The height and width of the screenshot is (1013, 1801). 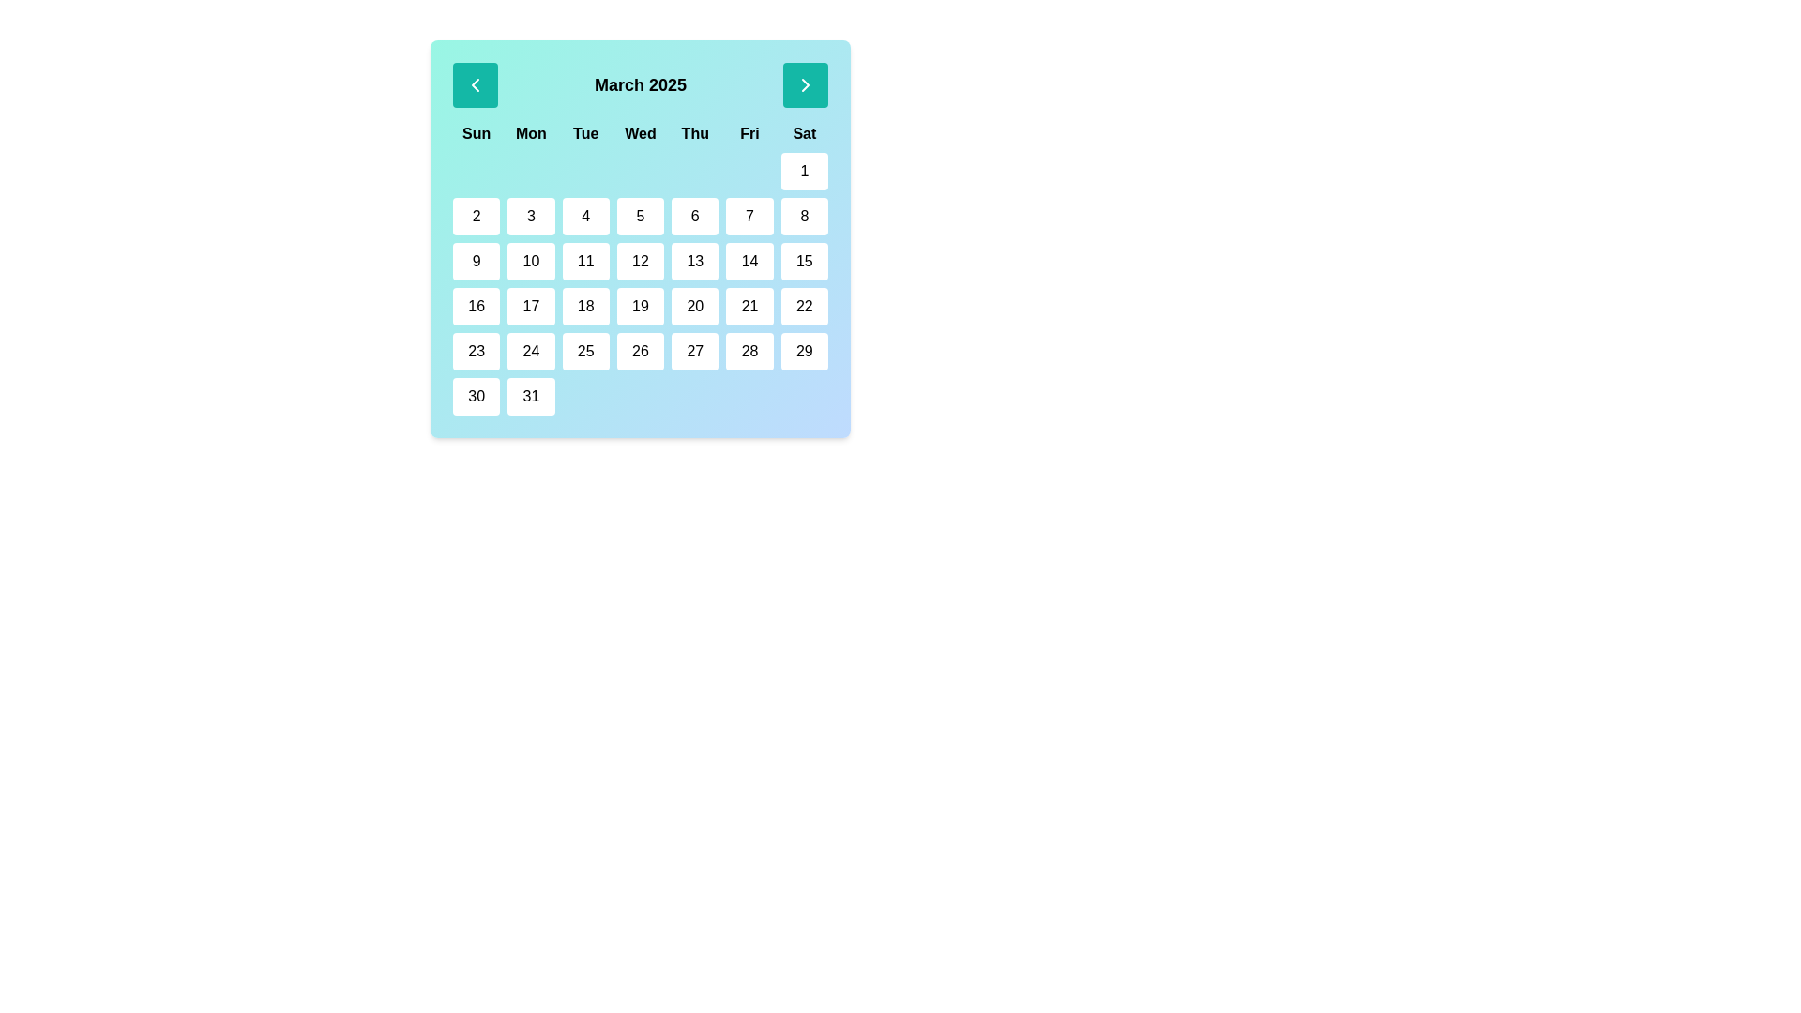 I want to click on the first date button in the calendar grid that represents the first day of the month under the 'Sat' header, so click(x=804, y=171).